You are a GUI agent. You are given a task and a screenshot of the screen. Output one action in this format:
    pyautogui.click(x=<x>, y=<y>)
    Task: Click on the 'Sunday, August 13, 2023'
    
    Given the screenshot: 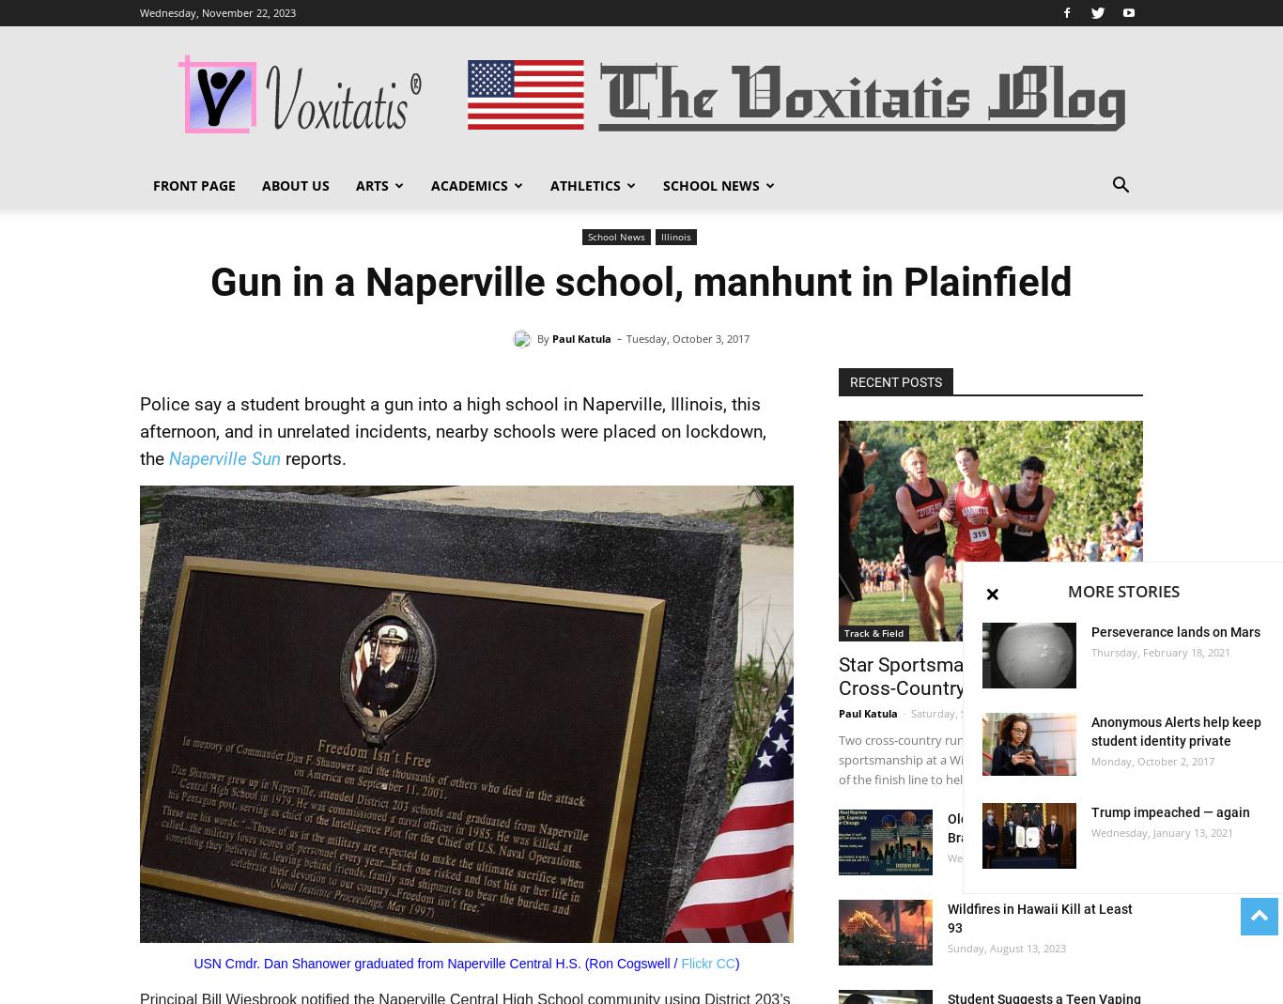 What is the action you would take?
    pyautogui.click(x=1006, y=948)
    